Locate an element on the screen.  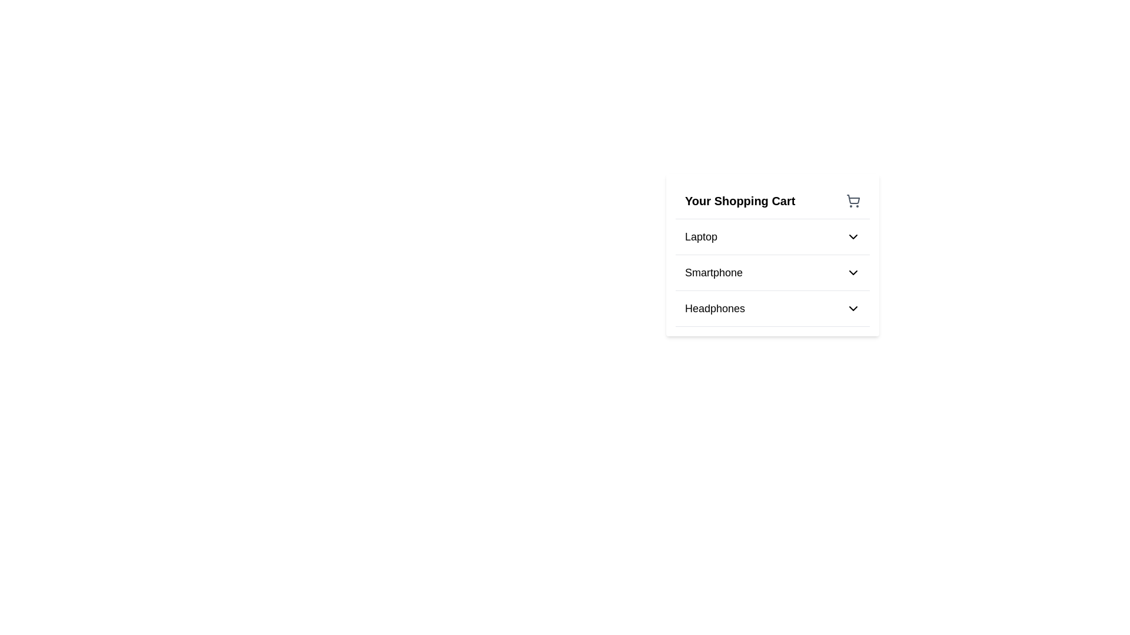
the Chevron icon located on the rightmost side of the 'Smartphone' row is located at coordinates (853, 272).